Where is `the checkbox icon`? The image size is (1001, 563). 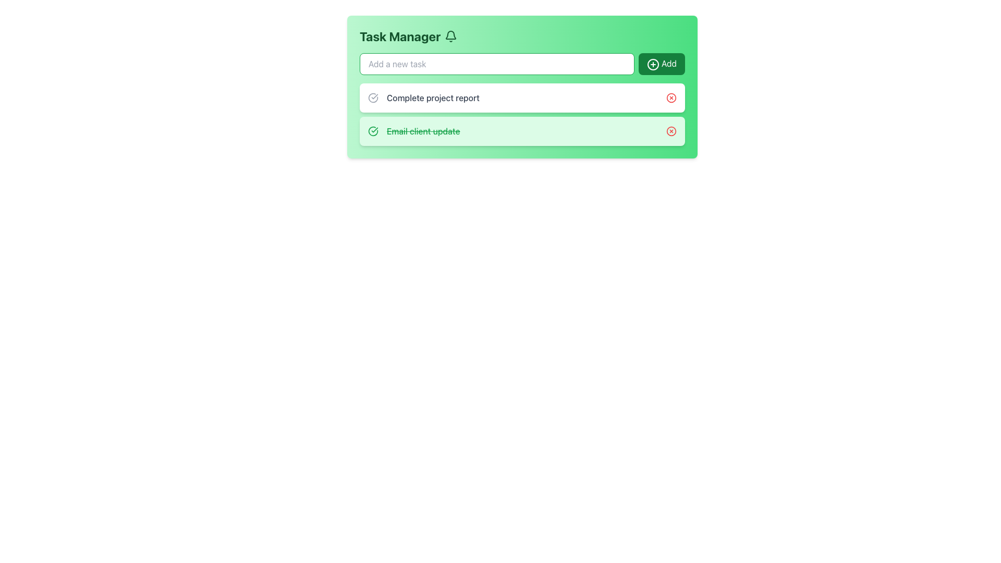
the checkbox icon is located at coordinates (373, 130).